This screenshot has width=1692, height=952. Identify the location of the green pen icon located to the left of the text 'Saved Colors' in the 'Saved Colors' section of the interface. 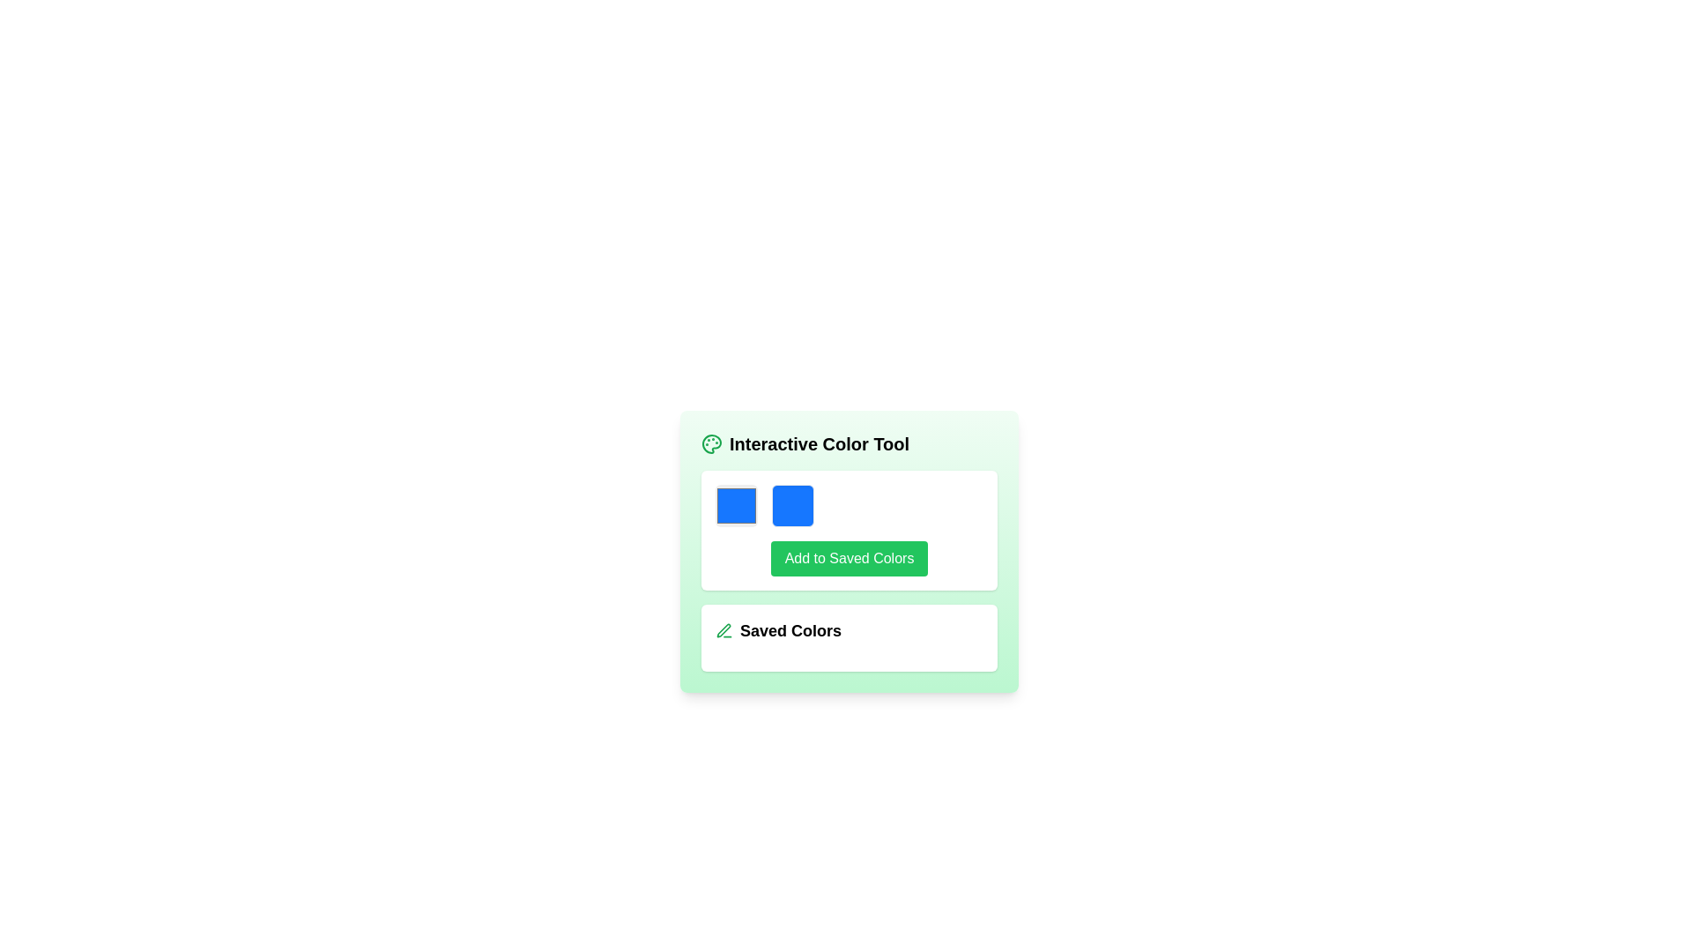
(724, 630).